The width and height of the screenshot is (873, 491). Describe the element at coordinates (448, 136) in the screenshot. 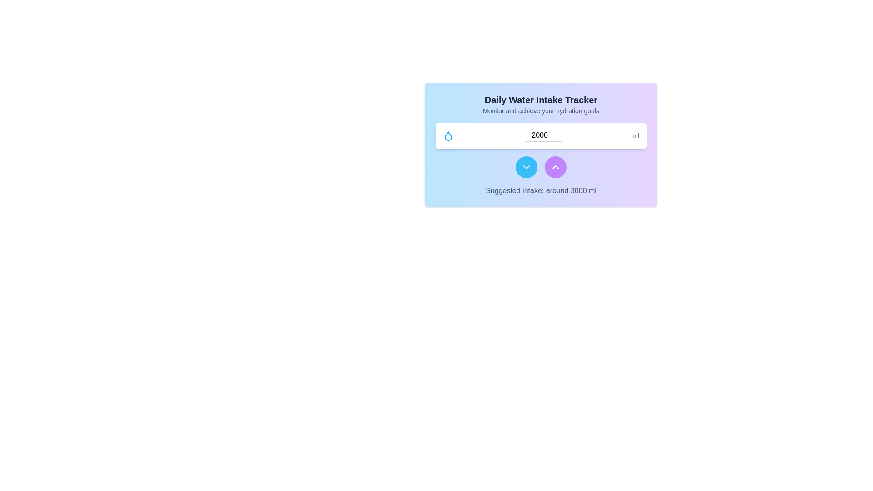

I see `the blue water droplet icon located on the left side of the input field, which is enclosed in a rectangular white box, with the numerical value '2000' and the text label 'ml' to the right` at that location.